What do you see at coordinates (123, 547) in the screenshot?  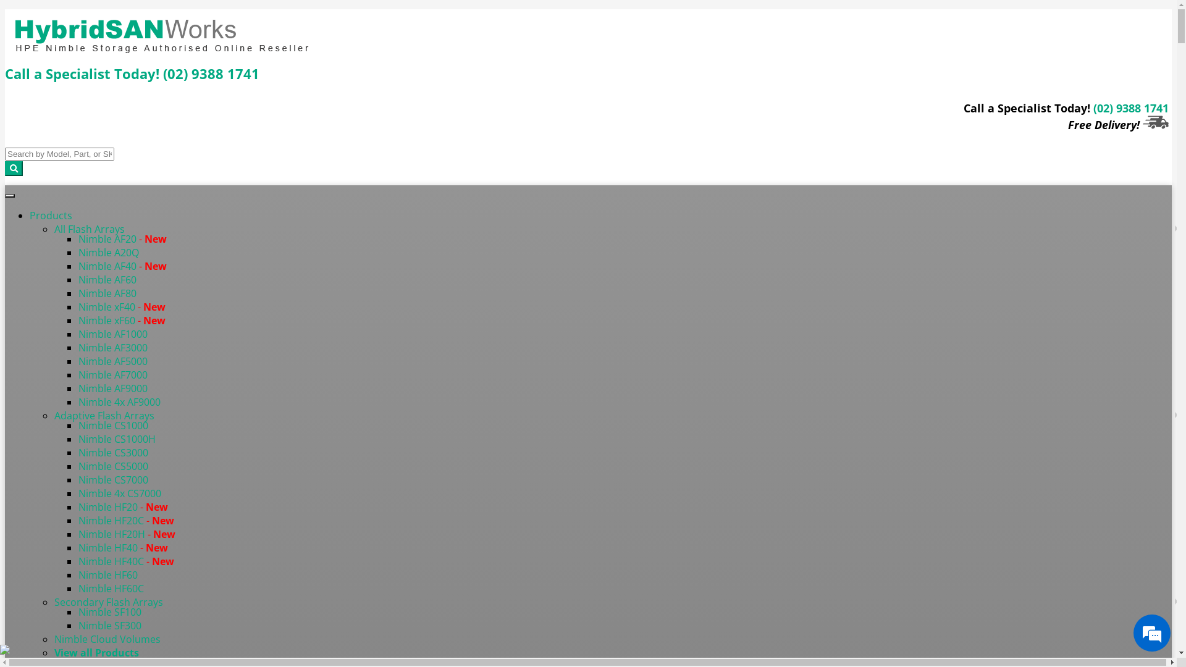 I see `'Nimble HF40 - New'` at bounding box center [123, 547].